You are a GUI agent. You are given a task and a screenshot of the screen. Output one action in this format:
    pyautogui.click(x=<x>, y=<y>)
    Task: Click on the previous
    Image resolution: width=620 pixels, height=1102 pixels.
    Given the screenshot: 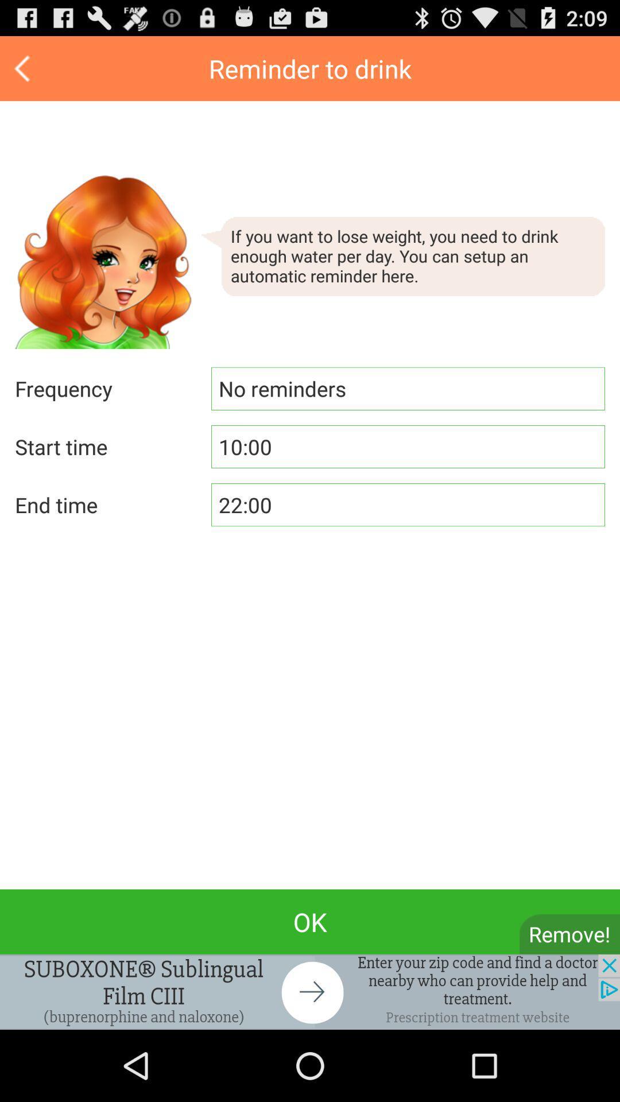 What is the action you would take?
    pyautogui.click(x=24, y=68)
    